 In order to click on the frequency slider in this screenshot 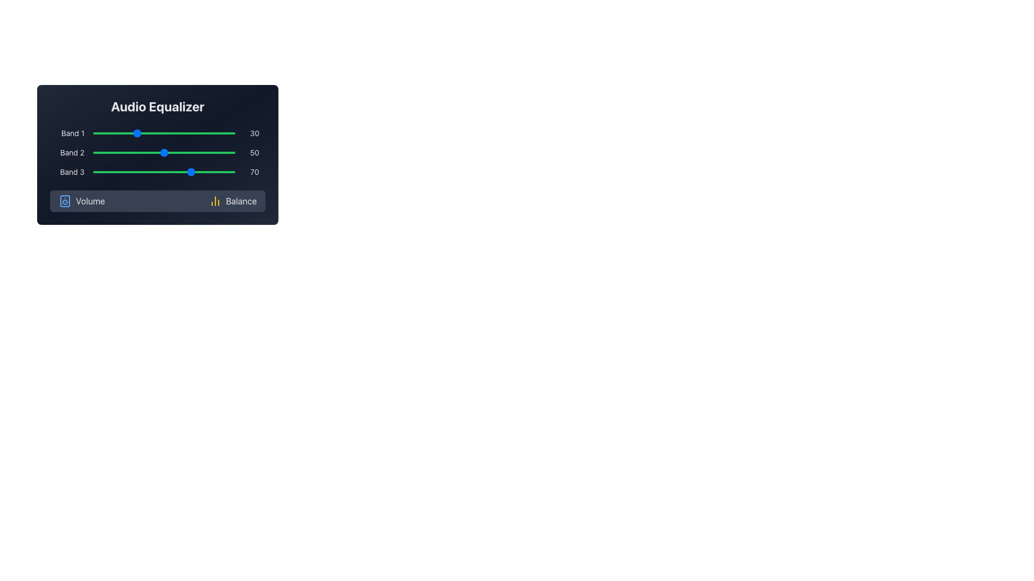, I will do `click(201, 153)`.